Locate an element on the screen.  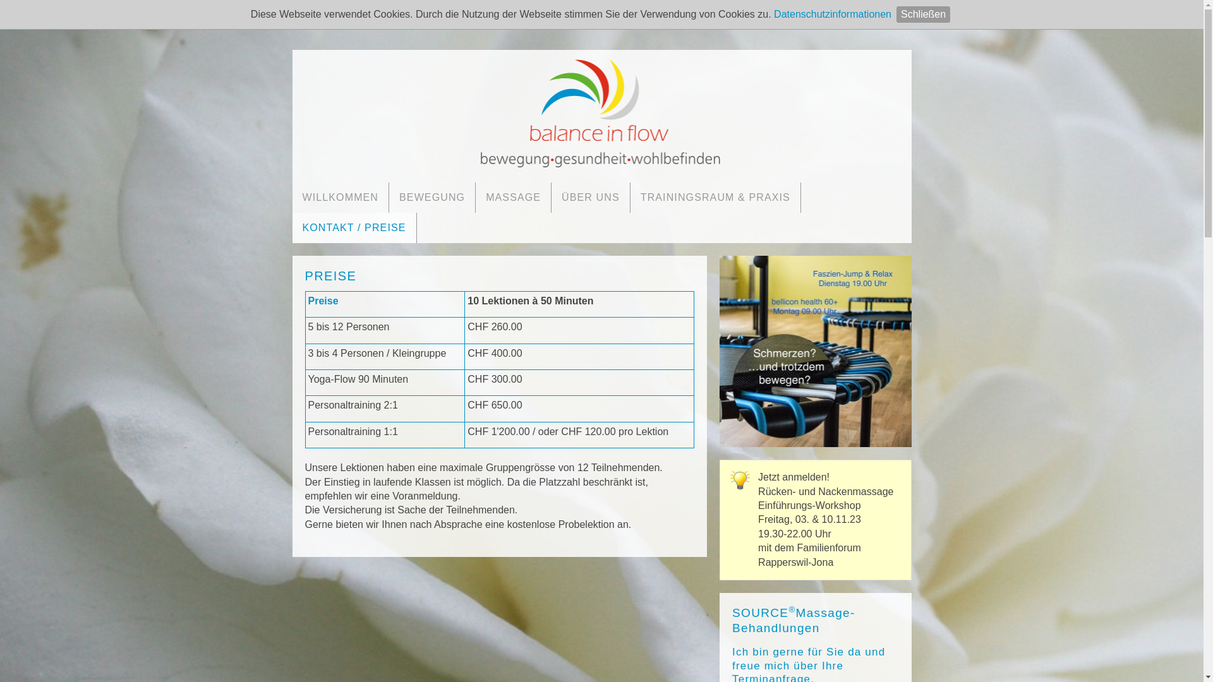
'Zur Startseite' is located at coordinates (600, 111).